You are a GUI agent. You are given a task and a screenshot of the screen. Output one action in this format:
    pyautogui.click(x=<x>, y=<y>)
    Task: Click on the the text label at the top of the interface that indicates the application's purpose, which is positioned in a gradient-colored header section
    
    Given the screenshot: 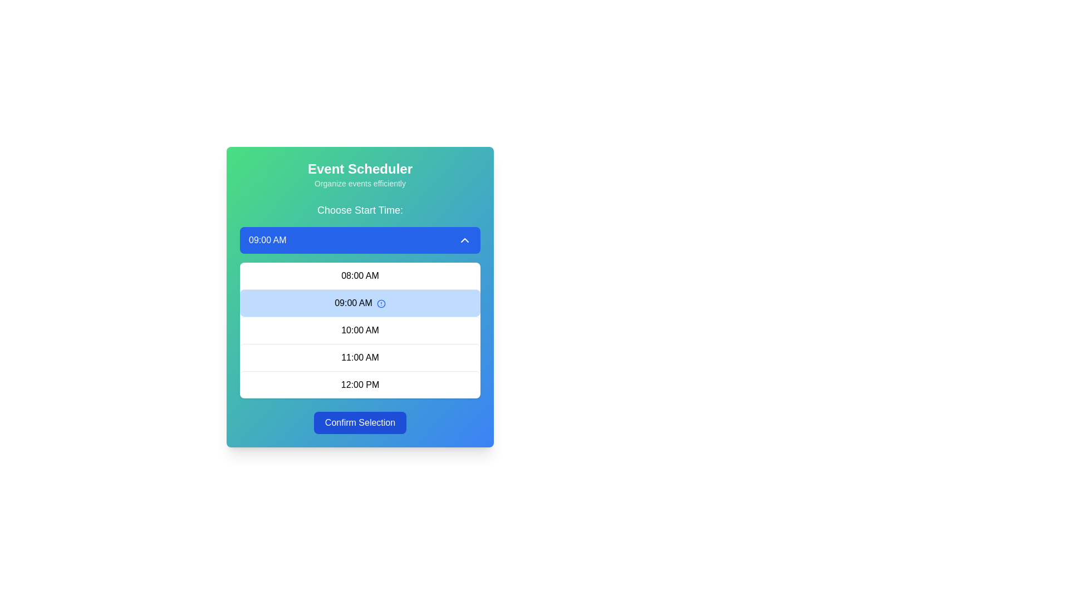 What is the action you would take?
    pyautogui.click(x=360, y=169)
    